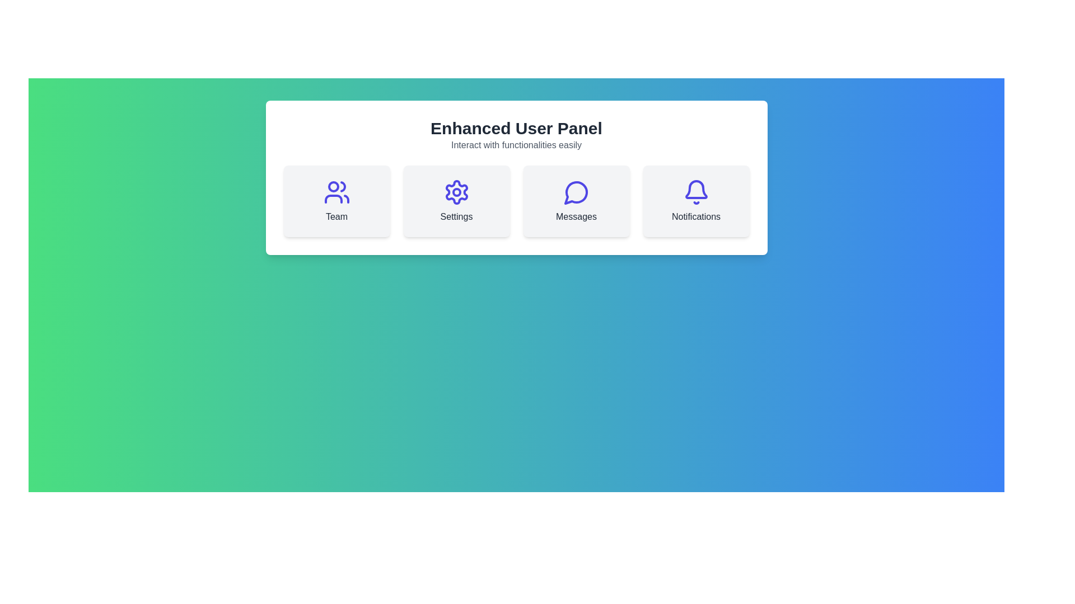 The image size is (1075, 604). What do you see at coordinates (336, 191) in the screenshot?
I see `the indigo group of people icon located in the first card above the 'Team' label` at bounding box center [336, 191].